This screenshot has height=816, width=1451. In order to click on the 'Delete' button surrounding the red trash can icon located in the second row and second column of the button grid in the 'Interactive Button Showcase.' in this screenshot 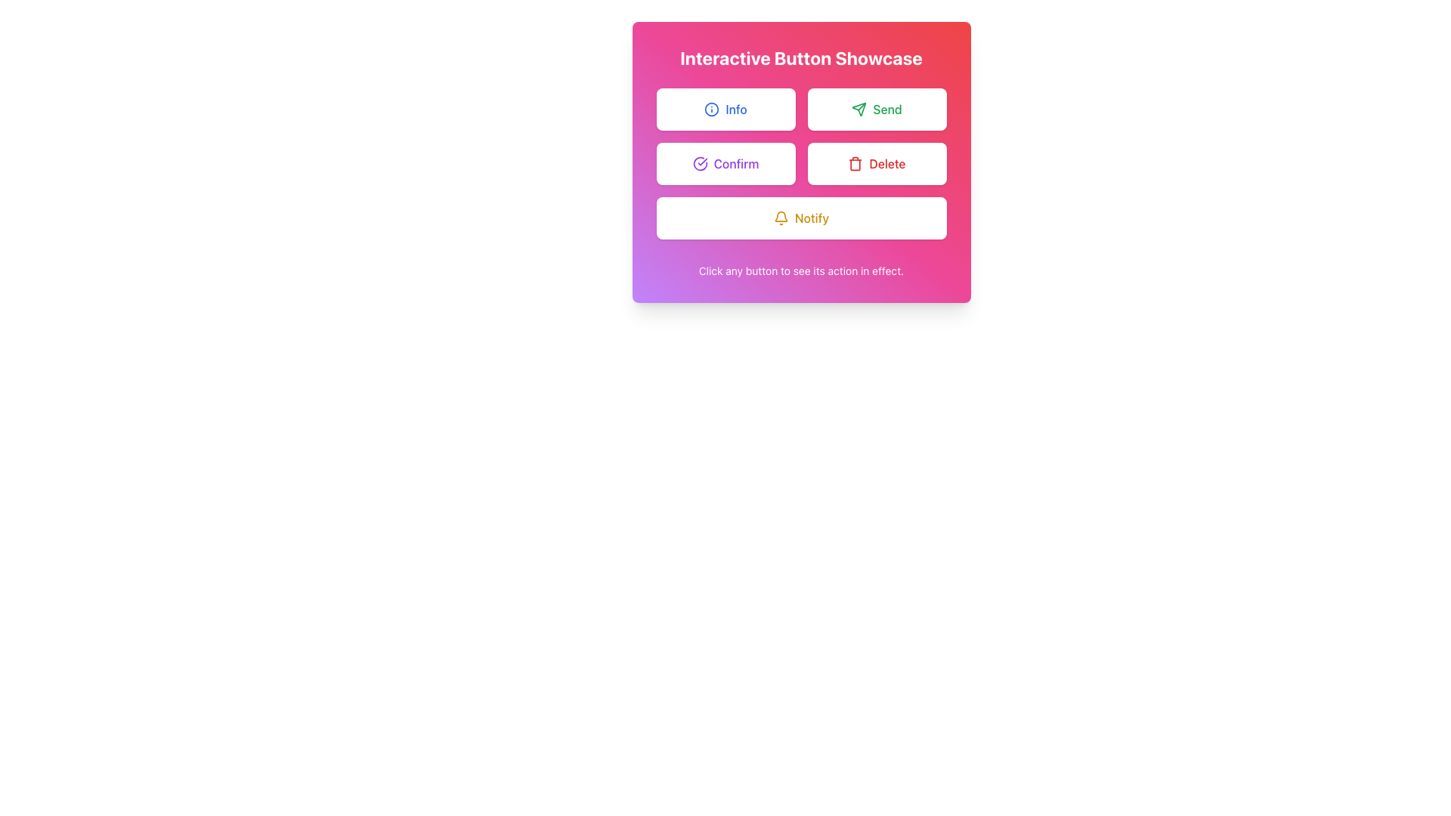, I will do `click(855, 163)`.